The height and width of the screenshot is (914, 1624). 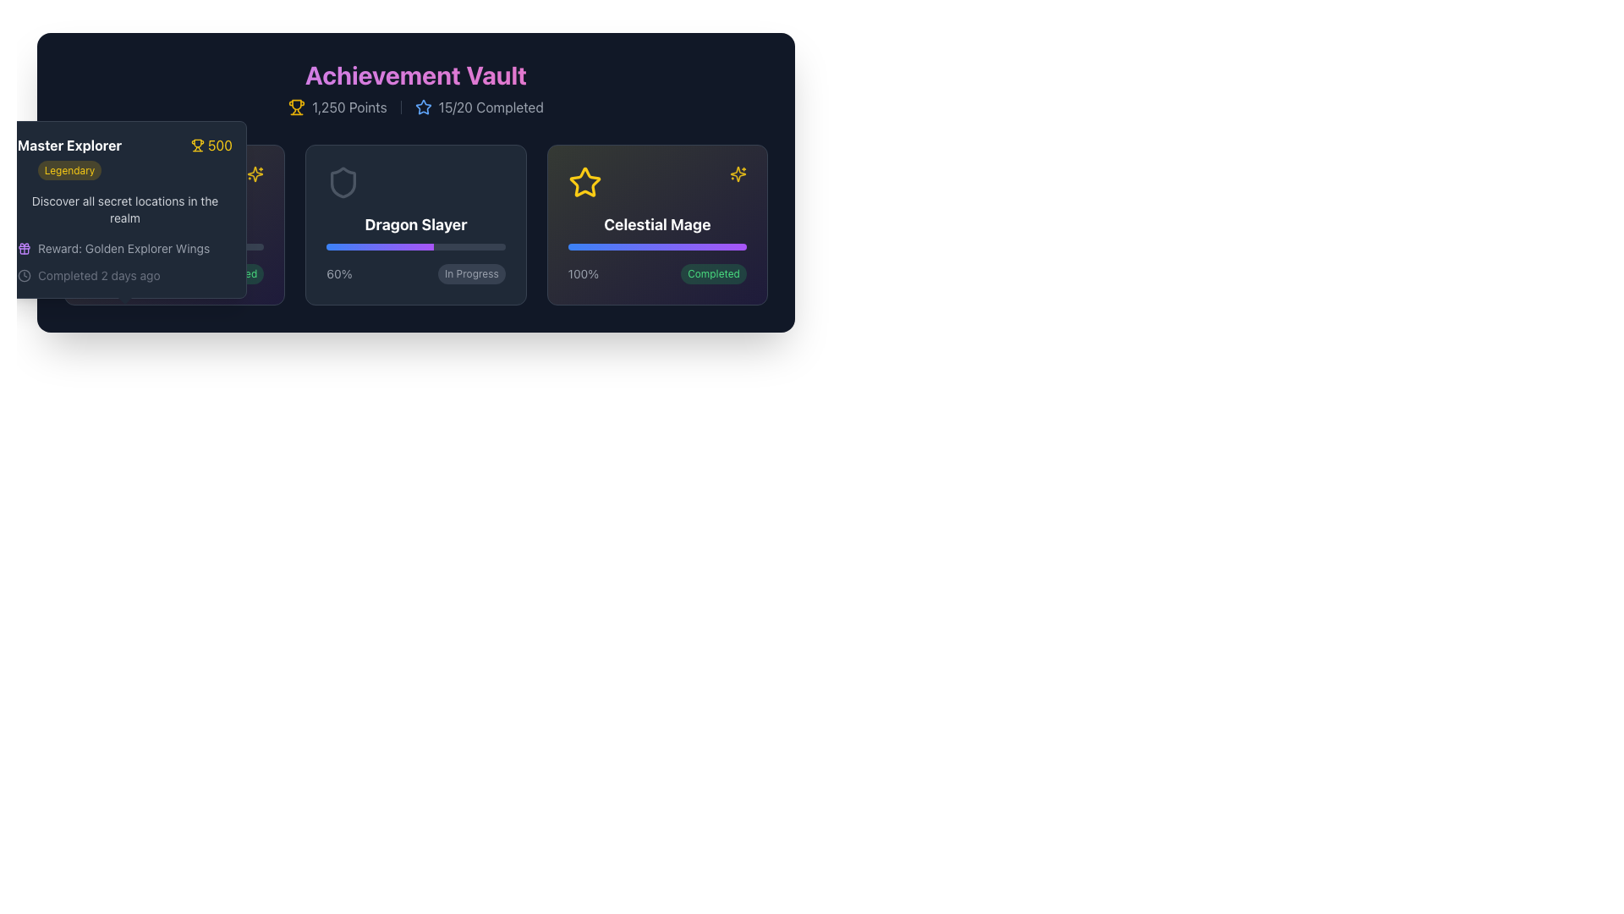 I want to click on the decorative graphic element located at the bottom center of the 'Master Explorer' achievement card, which serves as an ornamental indicator for alignment, so click(x=124, y=303).